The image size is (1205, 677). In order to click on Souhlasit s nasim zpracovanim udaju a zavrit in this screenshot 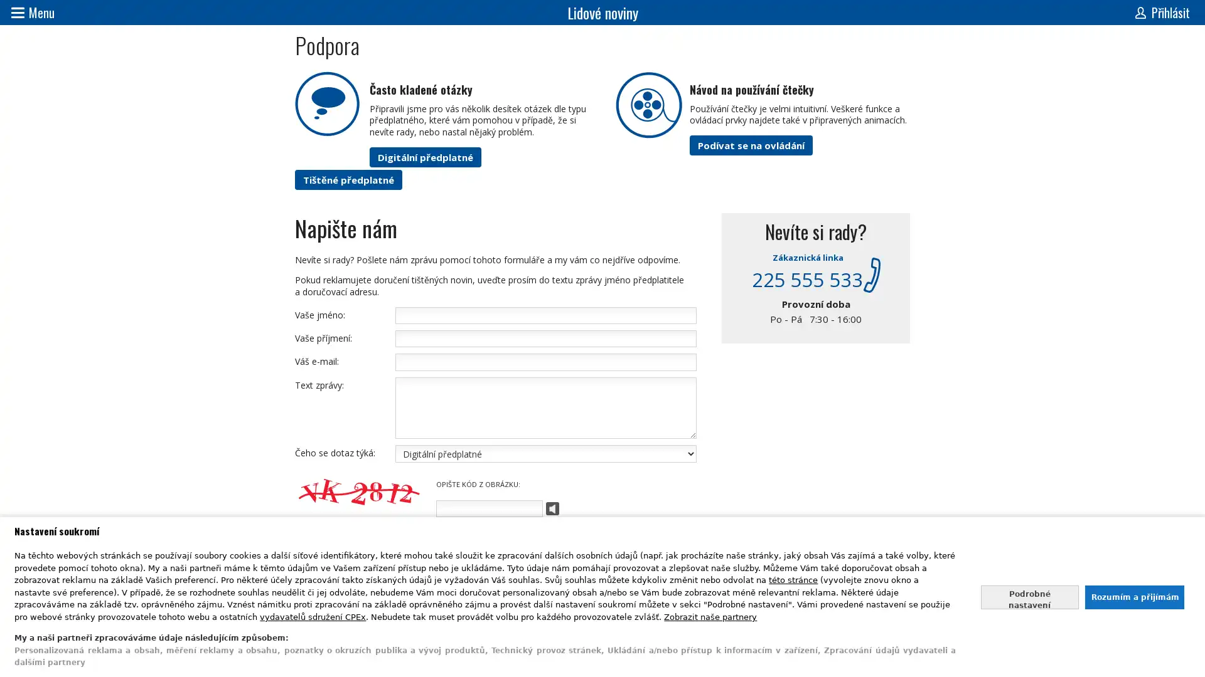, I will do `click(1133, 596)`.